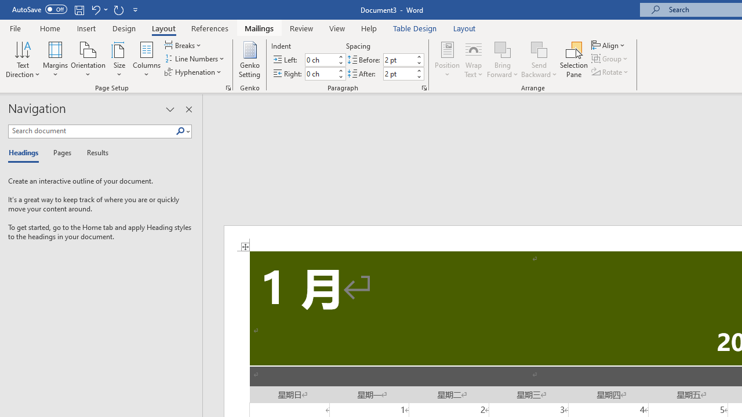 The image size is (742, 417). What do you see at coordinates (26, 153) in the screenshot?
I see `'Headings'` at bounding box center [26, 153].